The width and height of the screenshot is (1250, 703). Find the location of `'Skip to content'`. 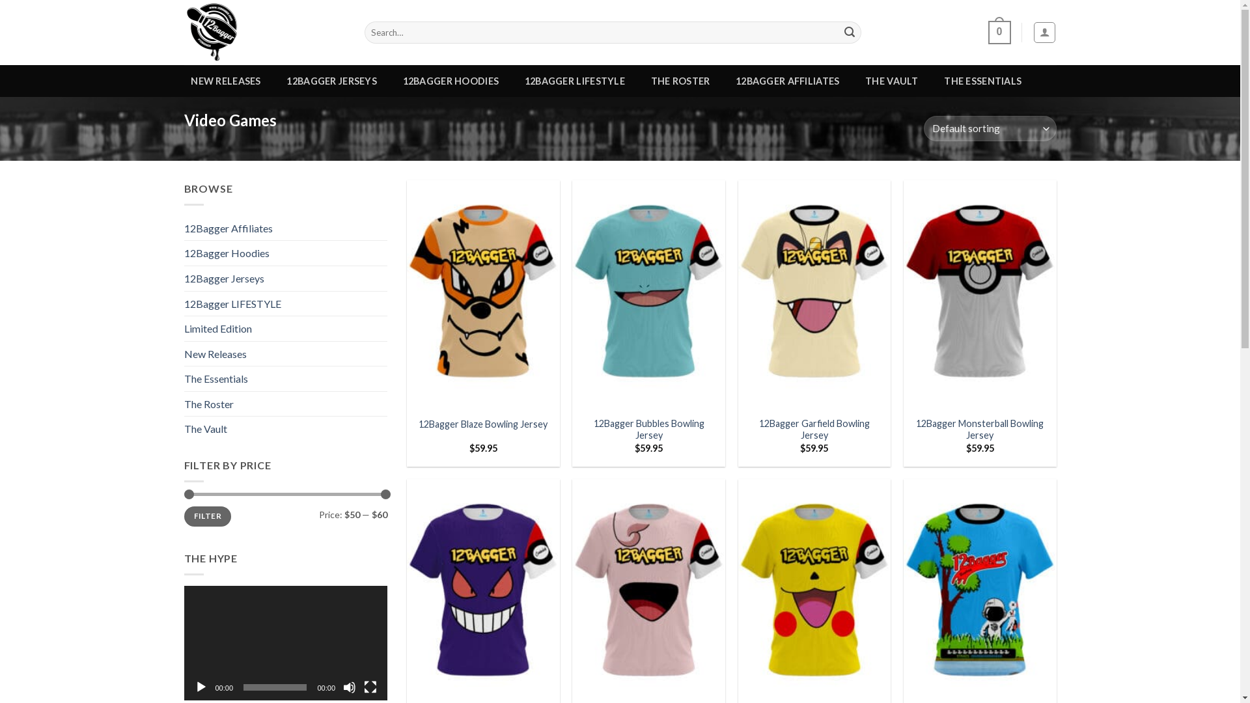

'Skip to content' is located at coordinates (0, 0).